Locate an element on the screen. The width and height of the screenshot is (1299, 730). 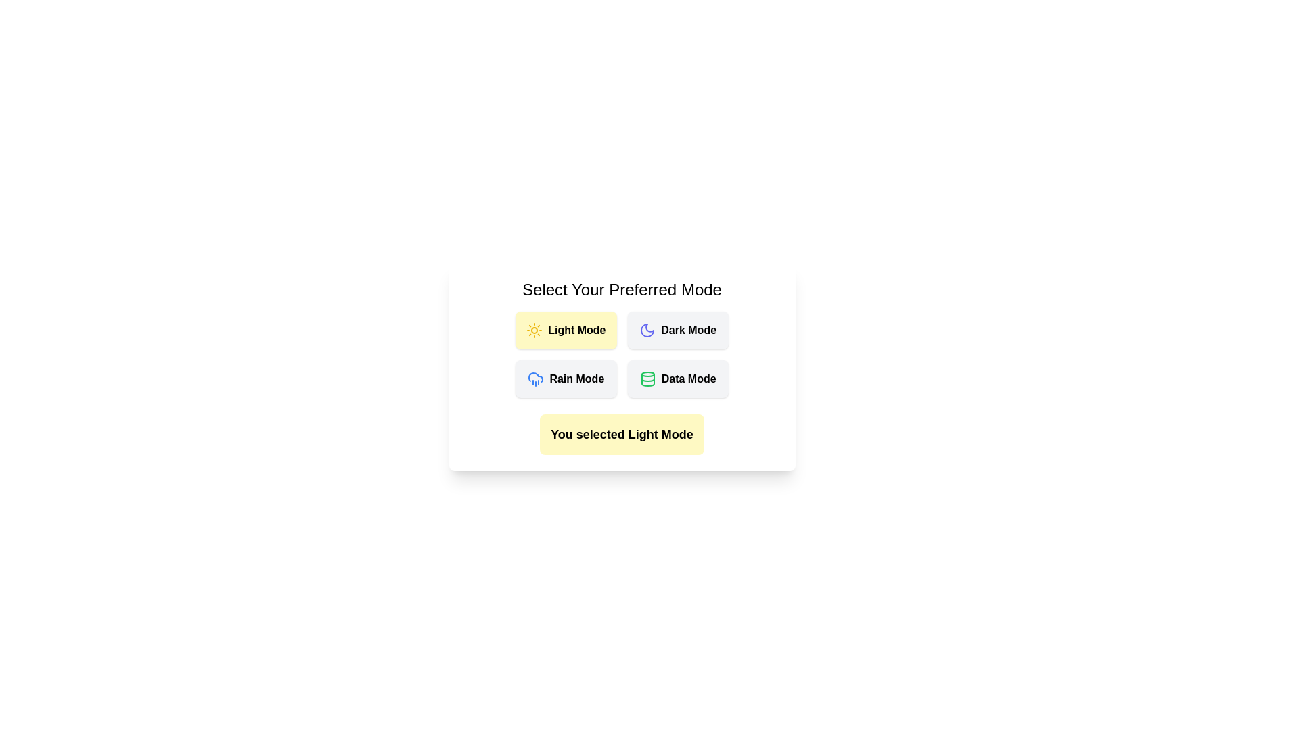
the 'Dark Mode' icon in the mode selection interface, which is visually represented and located near the text 'Dark Mode' is located at coordinates (647, 331).